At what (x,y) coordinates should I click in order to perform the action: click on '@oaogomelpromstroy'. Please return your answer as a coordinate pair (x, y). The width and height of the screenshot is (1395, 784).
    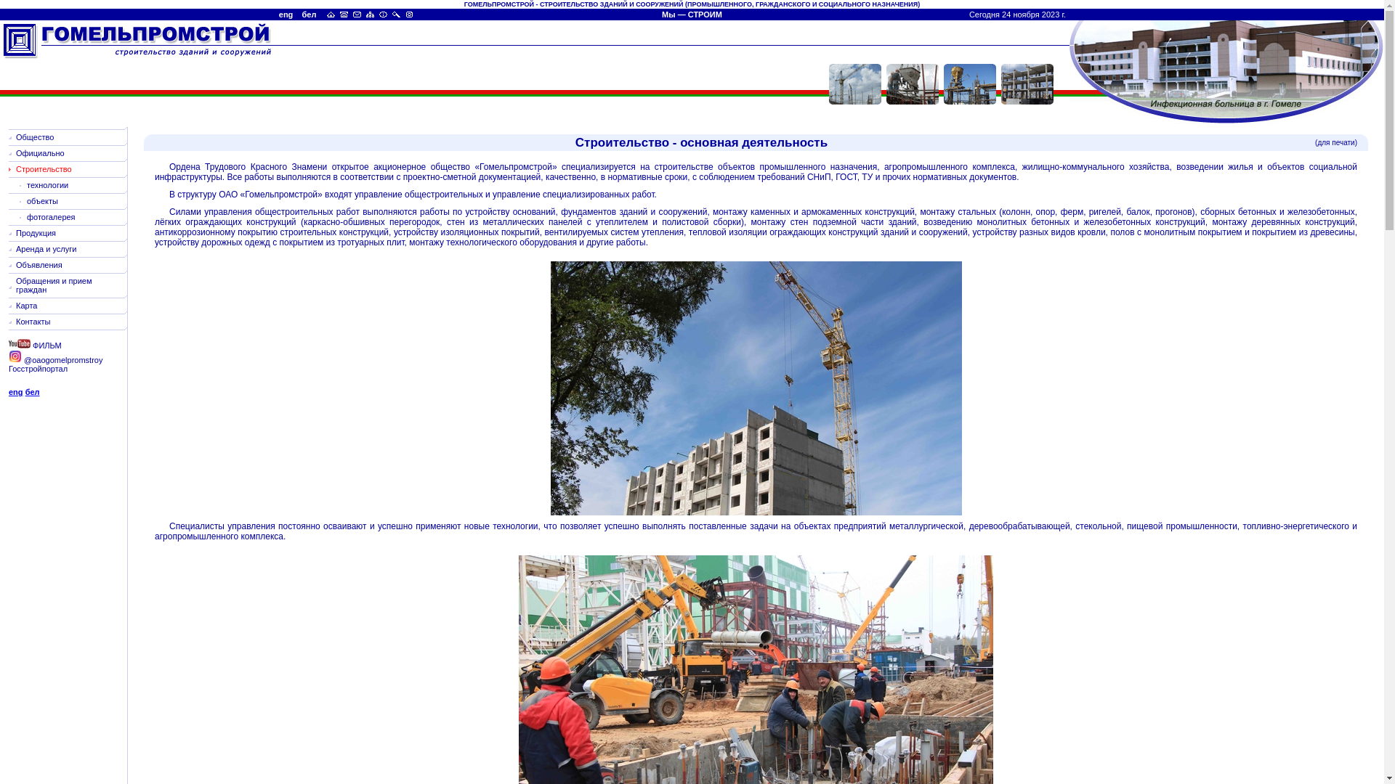
    Looking at the image, I should click on (9, 359).